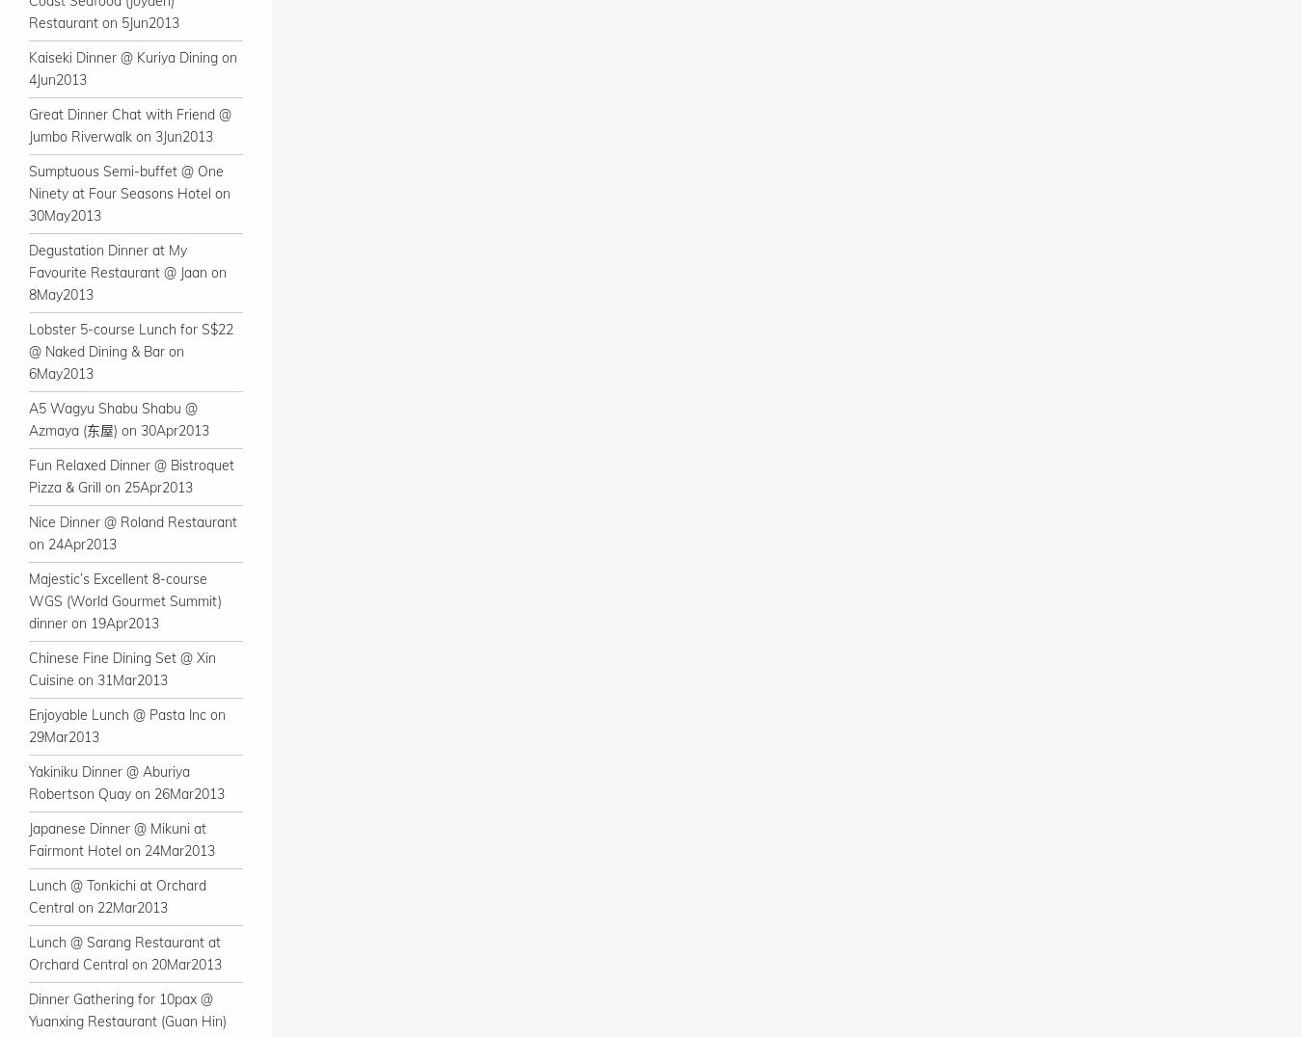 This screenshot has height=1037, width=1302. I want to click on 'Lunch @ Tonkichi at Orchard Central on 22Mar2013', so click(118, 895).